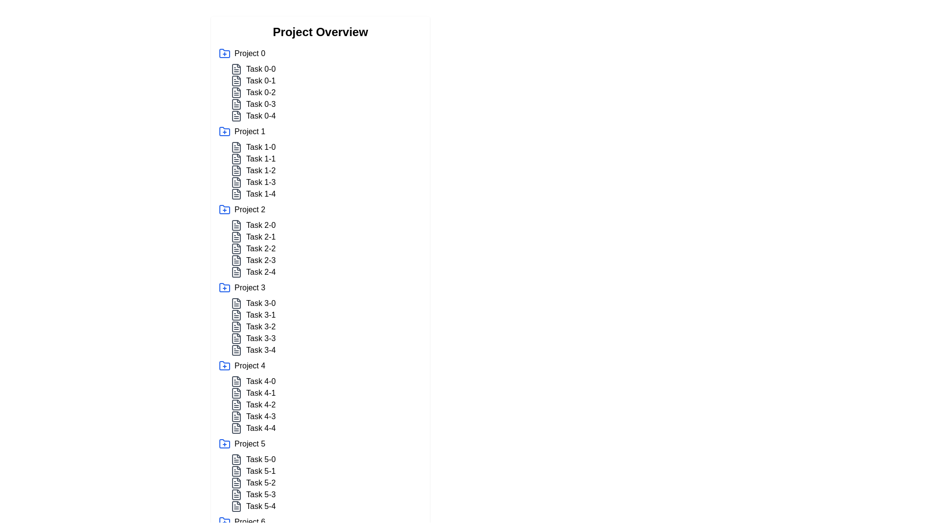 This screenshot has height=527, width=938. Describe the element at coordinates (236, 147) in the screenshot. I see `the document icon that is styled as an SVG and is gray in color, located next to the text 'Task 1-0'` at that location.